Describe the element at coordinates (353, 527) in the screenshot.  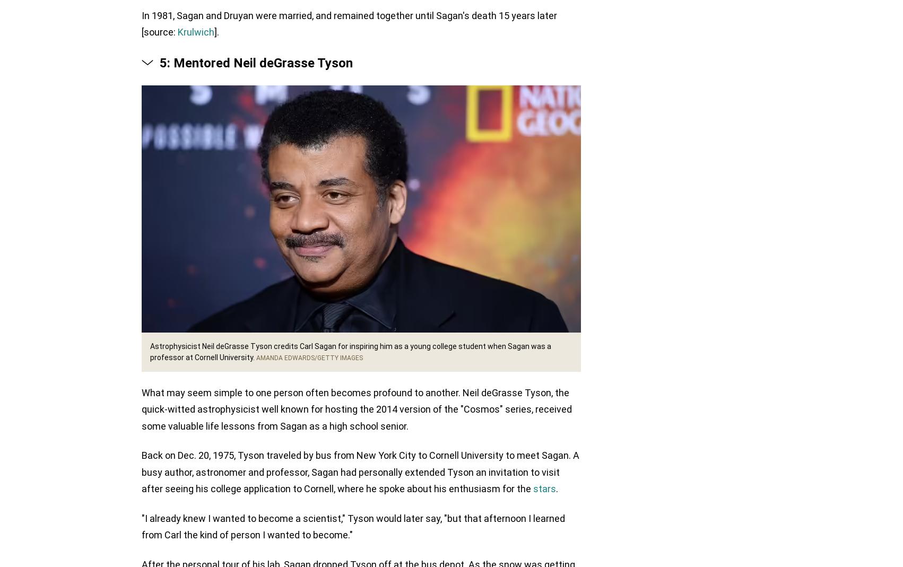
I see `'"I already knew I wanted to become a scientist," Tyson would later say, "but that afternoon I learned from Carl the kind of person I wanted to become."'` at that location.